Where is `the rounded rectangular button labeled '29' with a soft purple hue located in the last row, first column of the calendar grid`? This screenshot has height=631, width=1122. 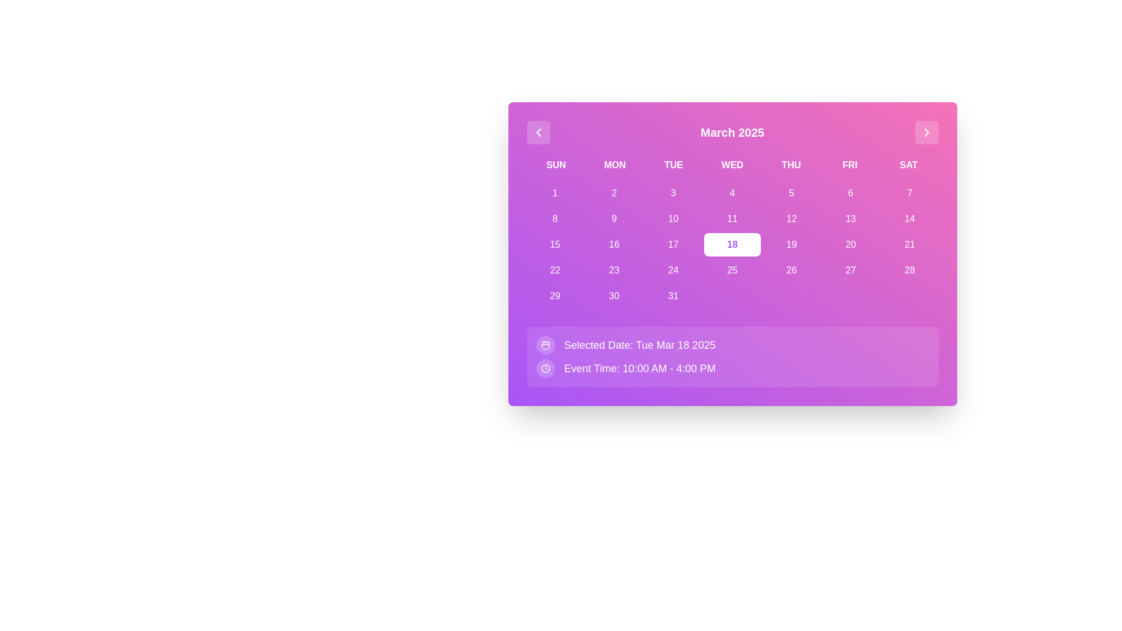
the rounded rectangular button labeled '29' with a soft purple hue located in the last row, first column of the calendar grid is located at coordinates (555, 295).